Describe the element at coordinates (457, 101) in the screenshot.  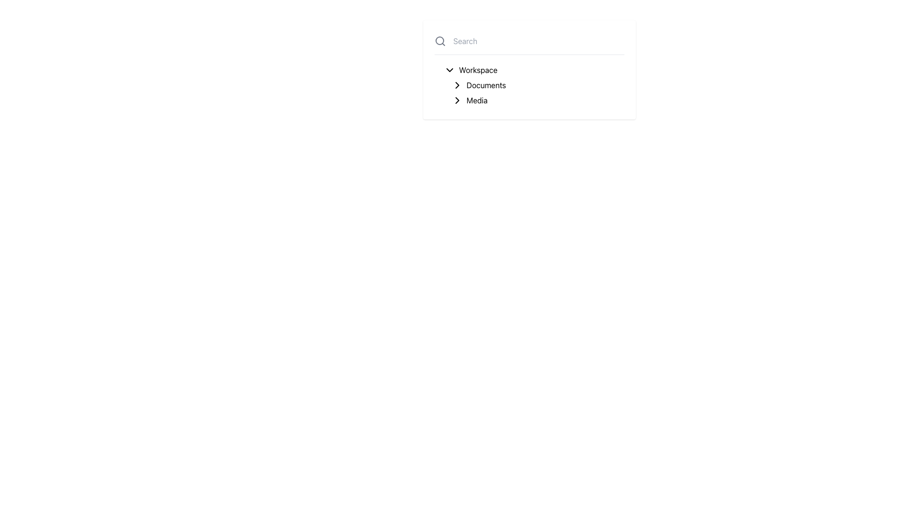
I see `the arrow icon located in the dropdown list under the 'Workspace' section, positioned directly to the right of the 'Media' label, to indicate a selection or navigate` at that location.